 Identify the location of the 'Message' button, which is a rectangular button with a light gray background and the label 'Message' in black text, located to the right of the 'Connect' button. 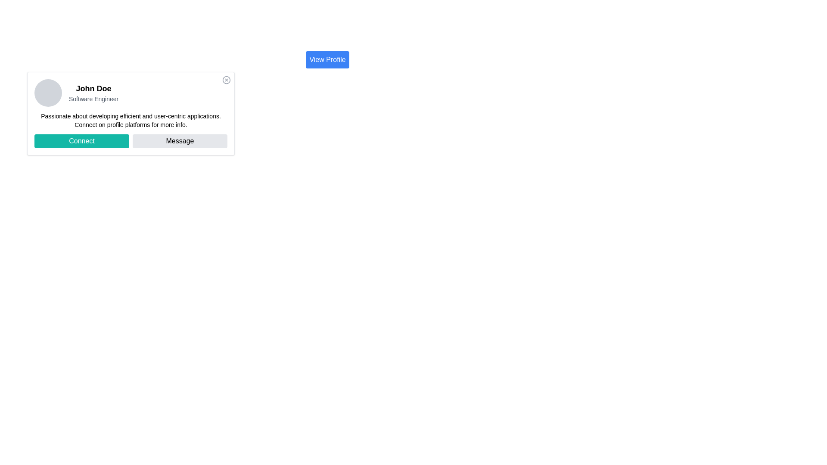
(179, 140).